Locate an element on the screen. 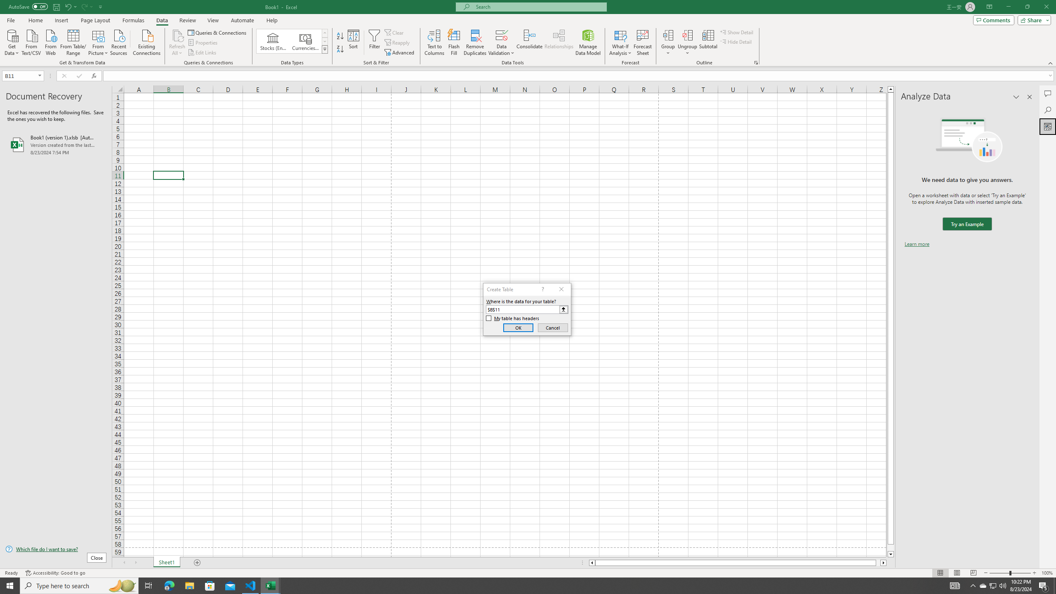  'Consolidate...' is located at coordinates (529, 42).